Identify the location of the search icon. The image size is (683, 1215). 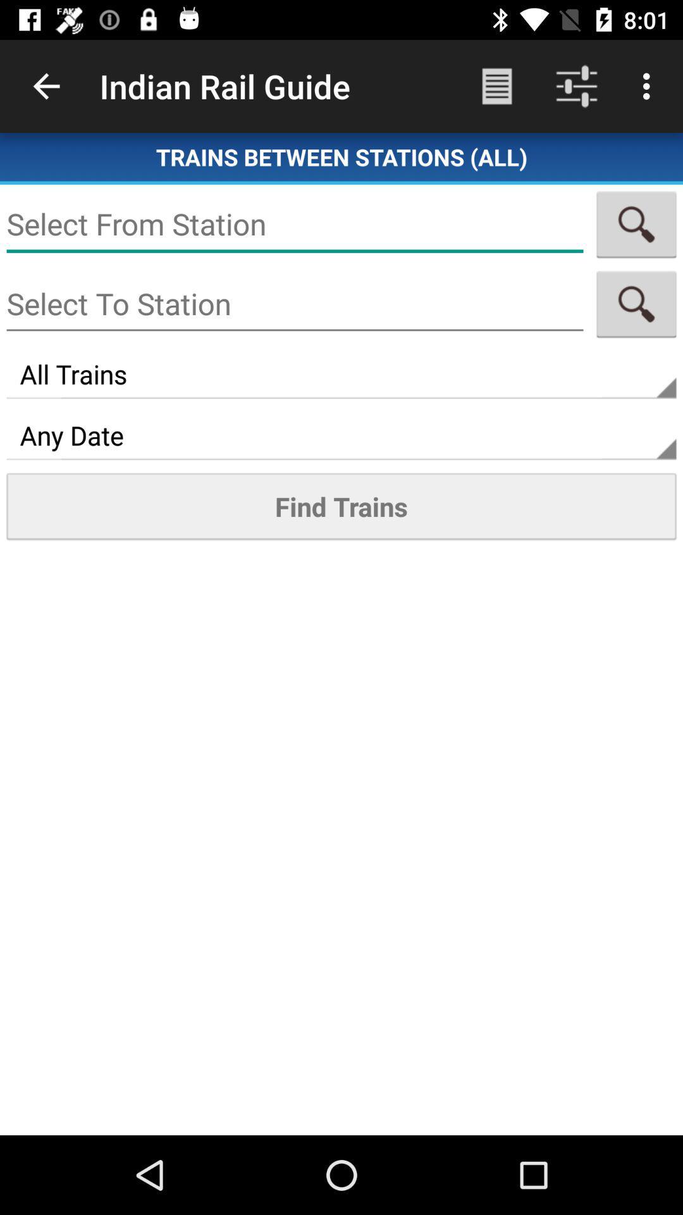
(636, 224).